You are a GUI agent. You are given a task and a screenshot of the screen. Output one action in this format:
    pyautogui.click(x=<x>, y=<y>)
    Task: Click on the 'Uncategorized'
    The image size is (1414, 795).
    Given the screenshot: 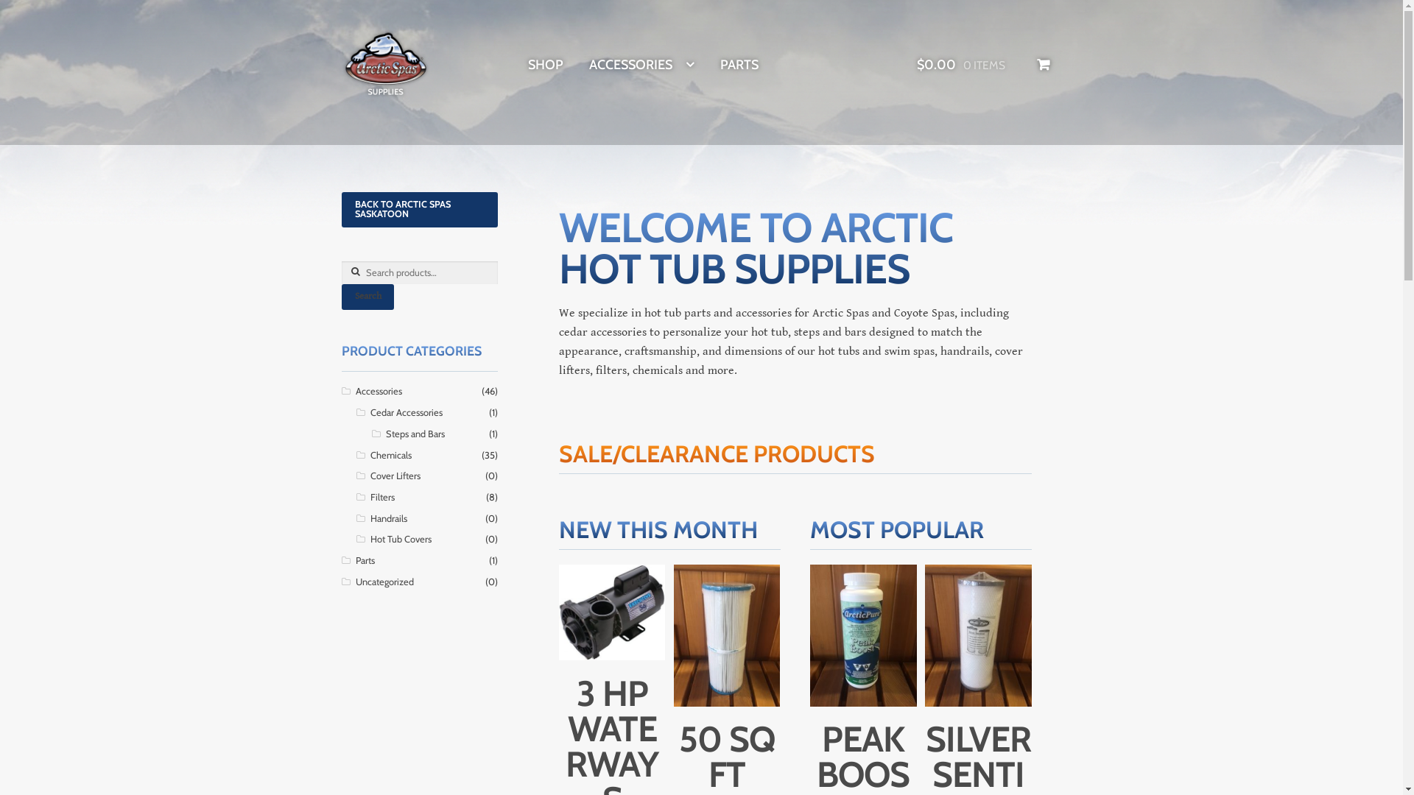 What is the action you would take?
    pyautogui.click(x=384, y=581)
    